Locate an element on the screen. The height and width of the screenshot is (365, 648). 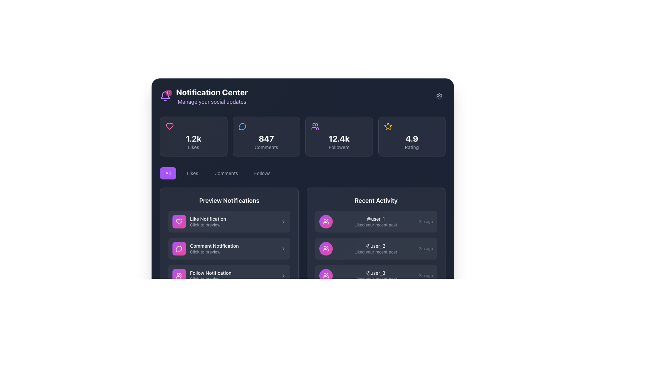
the heart-shaped vector icon, which is pink and represents 'likes', located to the left of the numeral (1.2k) in the upper section of the interface is located at coordinates (179, 221).